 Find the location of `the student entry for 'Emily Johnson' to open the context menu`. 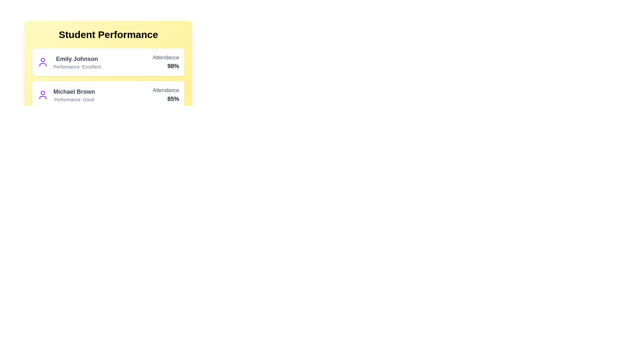

the student entry for 'Emily Johnson' to open the context menu is located at coordinates (108, 62).